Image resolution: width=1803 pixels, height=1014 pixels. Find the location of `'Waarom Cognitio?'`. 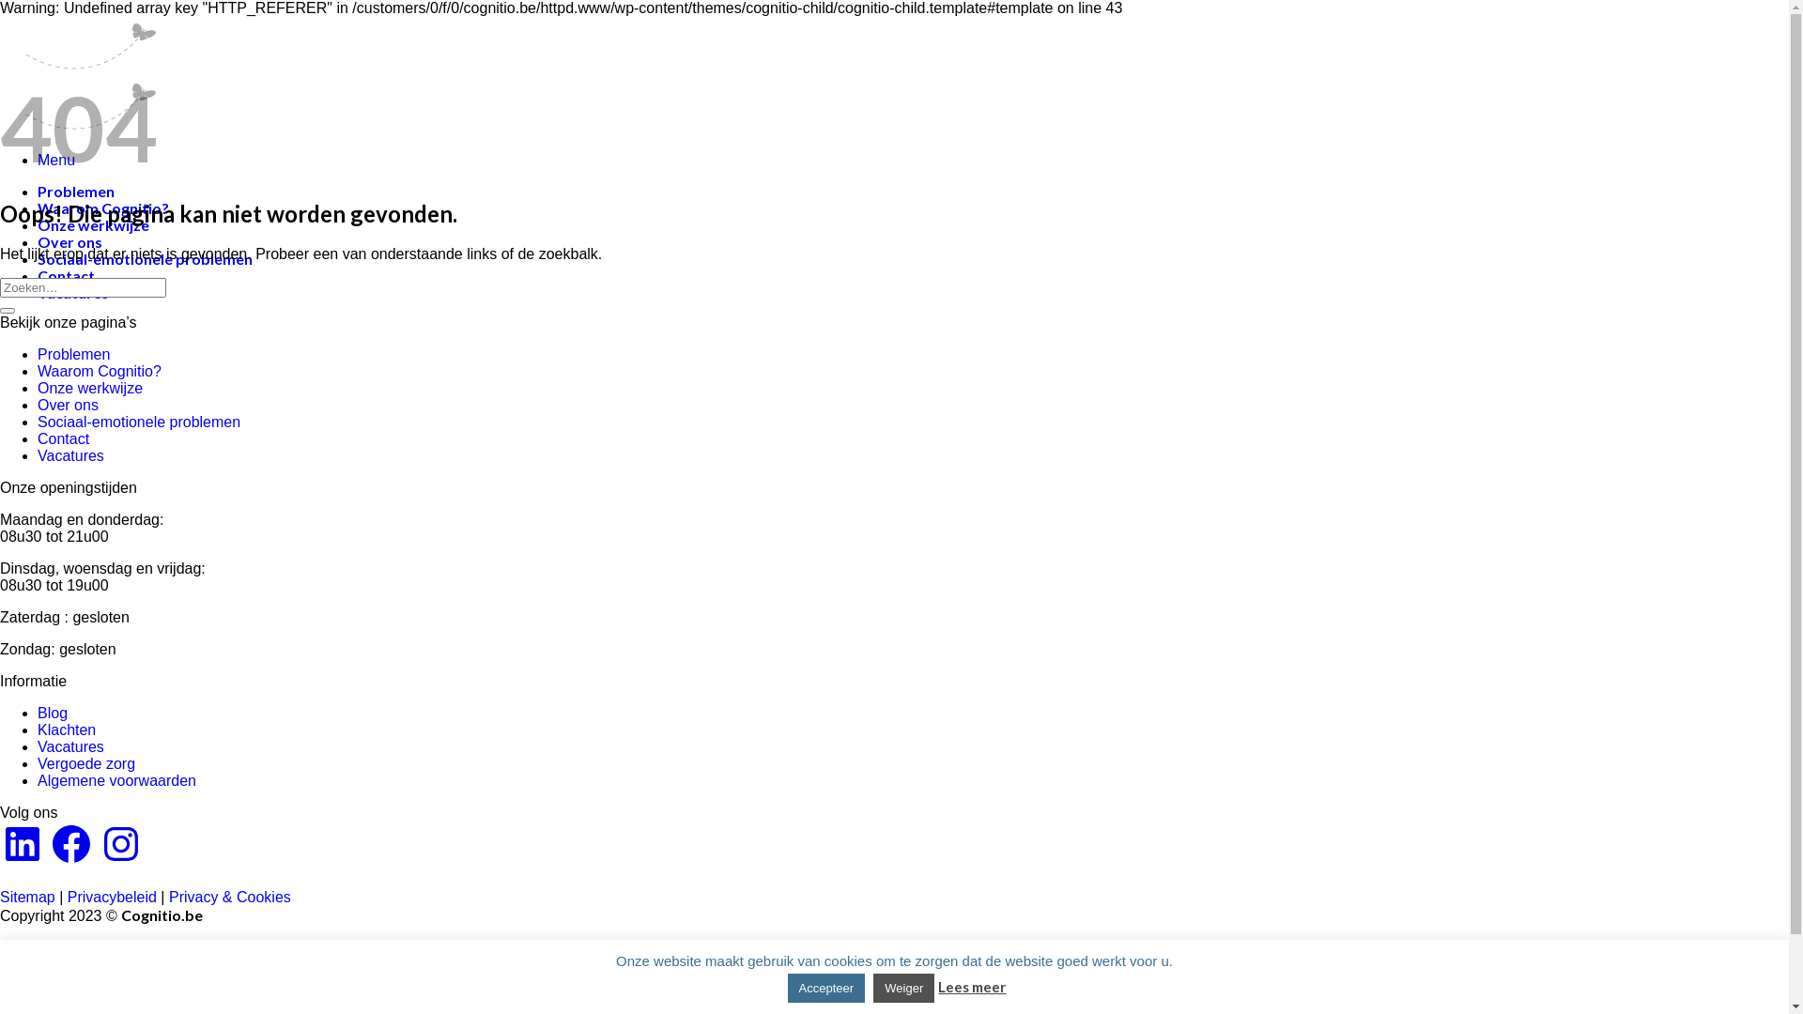

'Waarom Cognitio?' is located at coordinates (98, 371).